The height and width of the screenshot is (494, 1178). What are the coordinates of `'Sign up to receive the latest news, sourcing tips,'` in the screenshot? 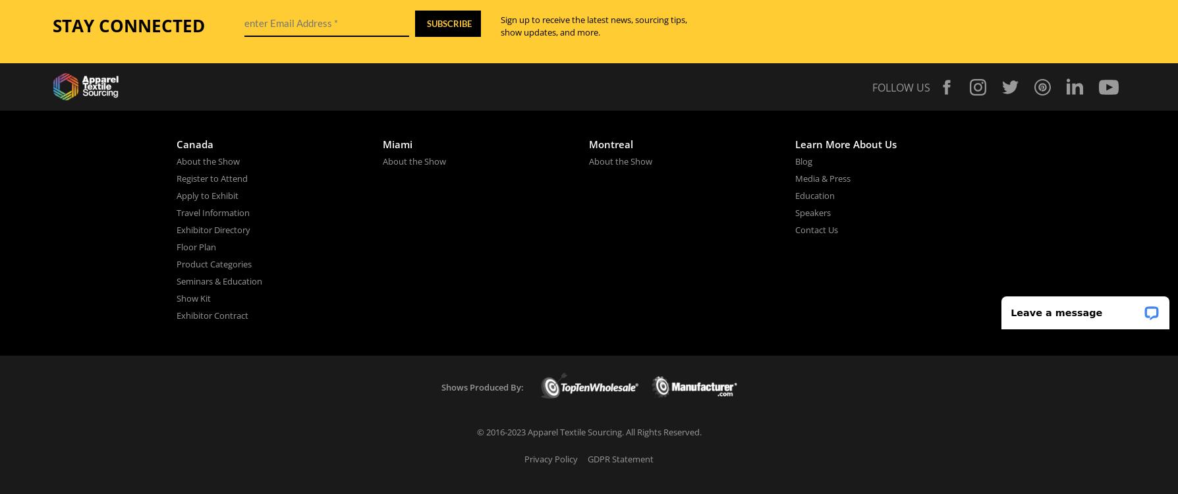 It's located at (594, 20).